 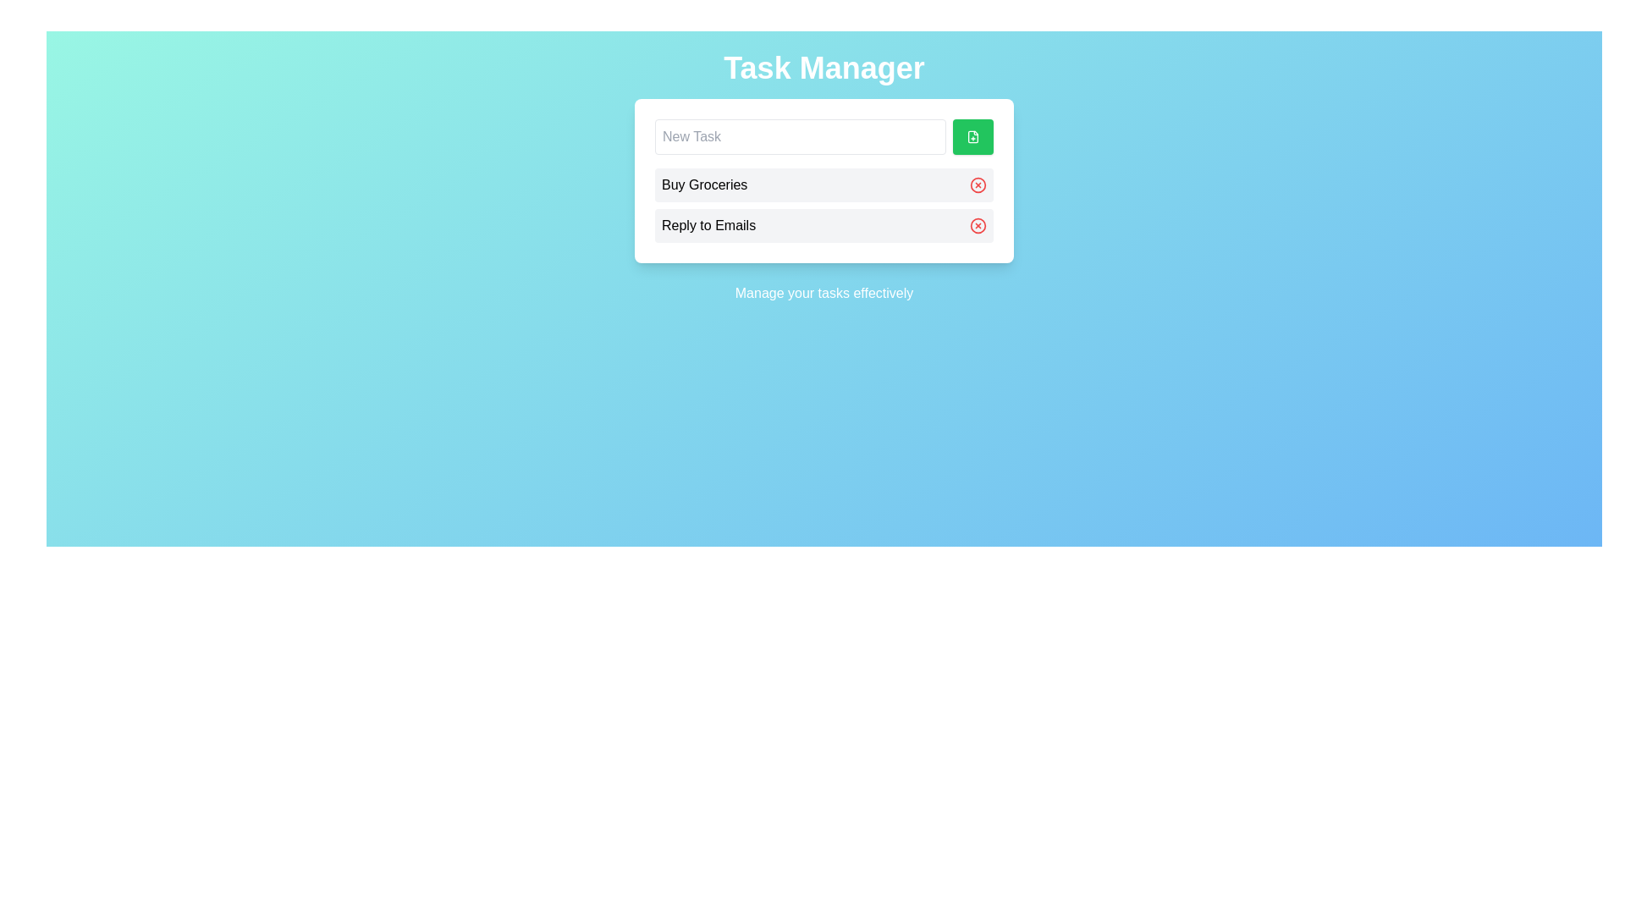 I want to click on the icon within the green button on the right of the input field in the Task Manager interface, so click(x=973, y=136).